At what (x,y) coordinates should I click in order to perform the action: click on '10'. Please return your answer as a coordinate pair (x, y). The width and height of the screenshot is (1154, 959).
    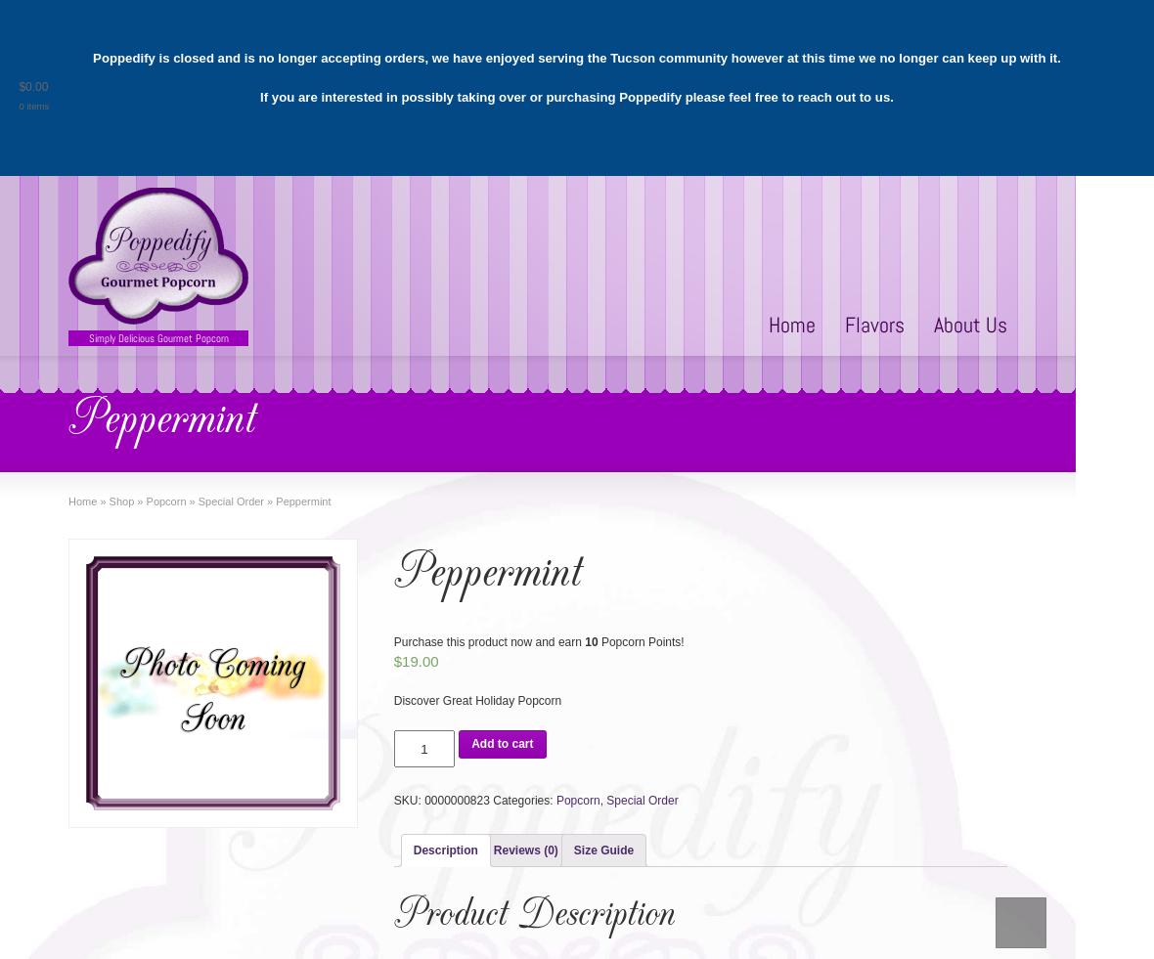
    Looking at the image, I should click on (590, 641).